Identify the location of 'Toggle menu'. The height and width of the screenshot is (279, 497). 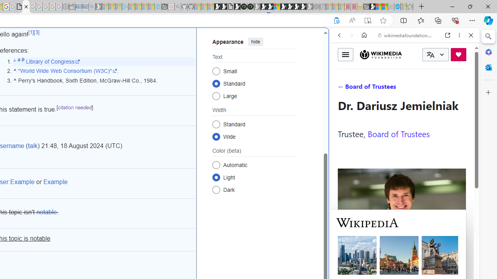
(345, 54).